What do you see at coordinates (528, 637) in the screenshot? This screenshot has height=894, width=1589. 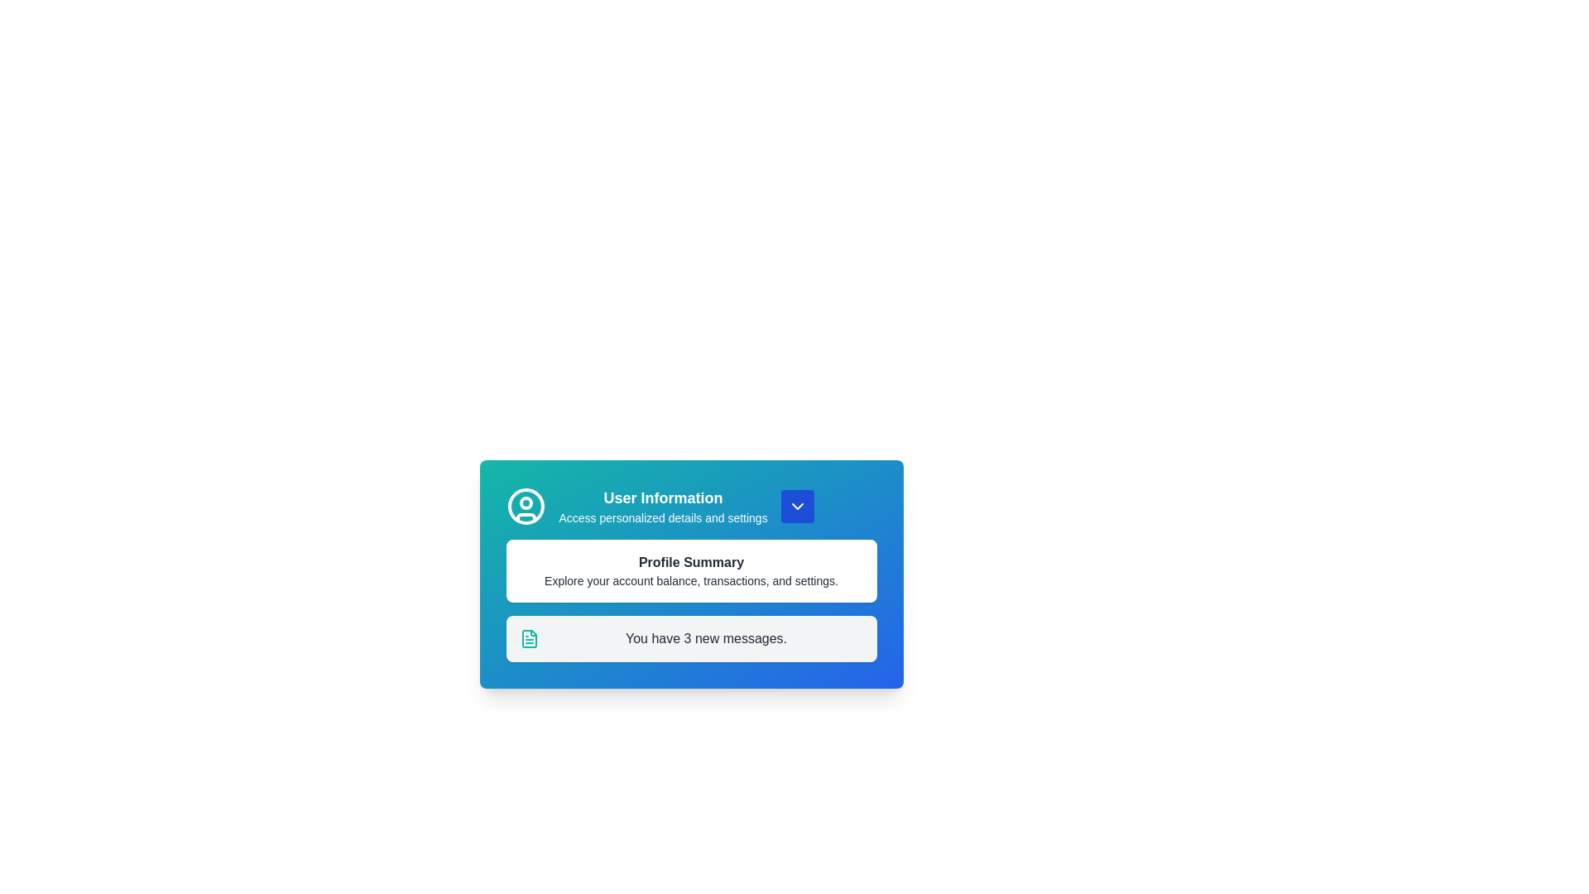 I see `the document/file icon that precedes the text 'You have 3 new messages.'` at bounding box center [528, 637].